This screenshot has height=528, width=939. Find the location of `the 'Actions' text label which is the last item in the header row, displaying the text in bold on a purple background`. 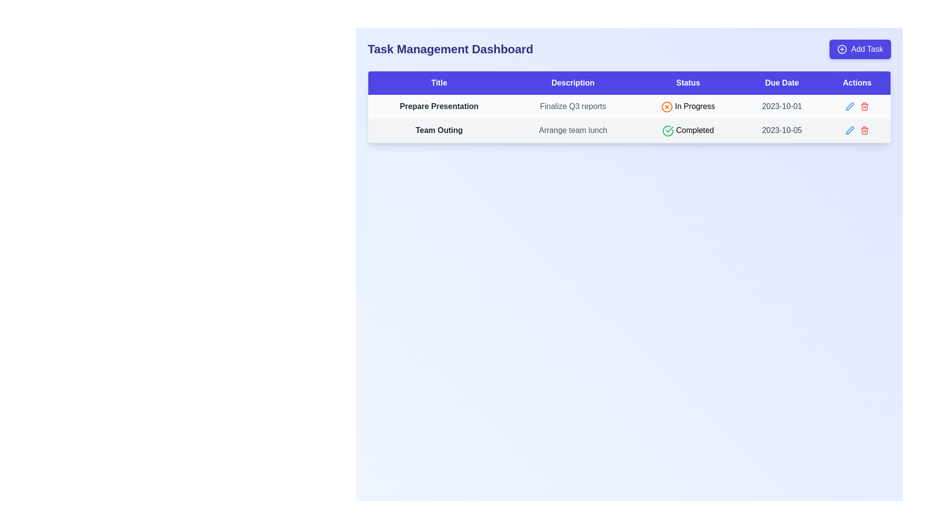

the 'Actions' text label which is the last item in the header row, displaying the text in bold on a purple background is located at coordinates (856, 82).